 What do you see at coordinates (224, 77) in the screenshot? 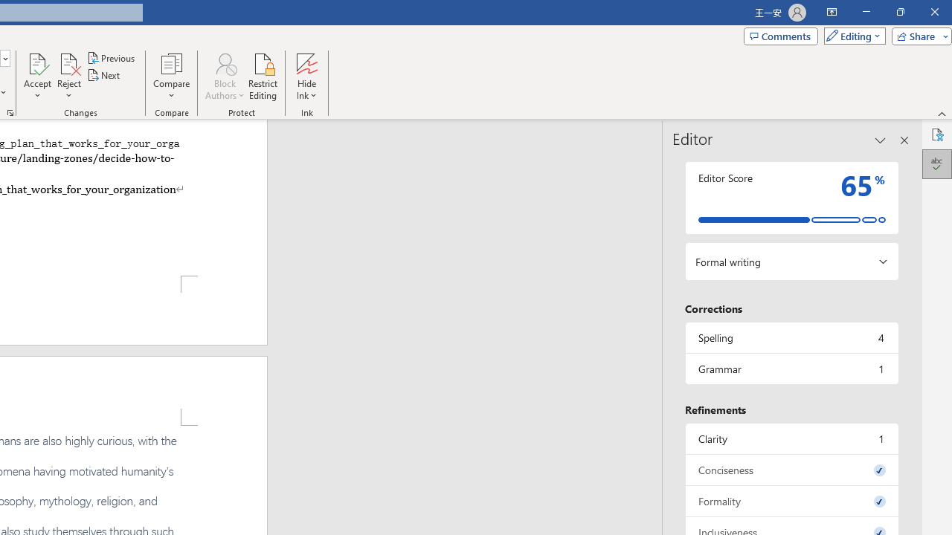
I see `'Block Authors'` at bounding box center [224, 77].